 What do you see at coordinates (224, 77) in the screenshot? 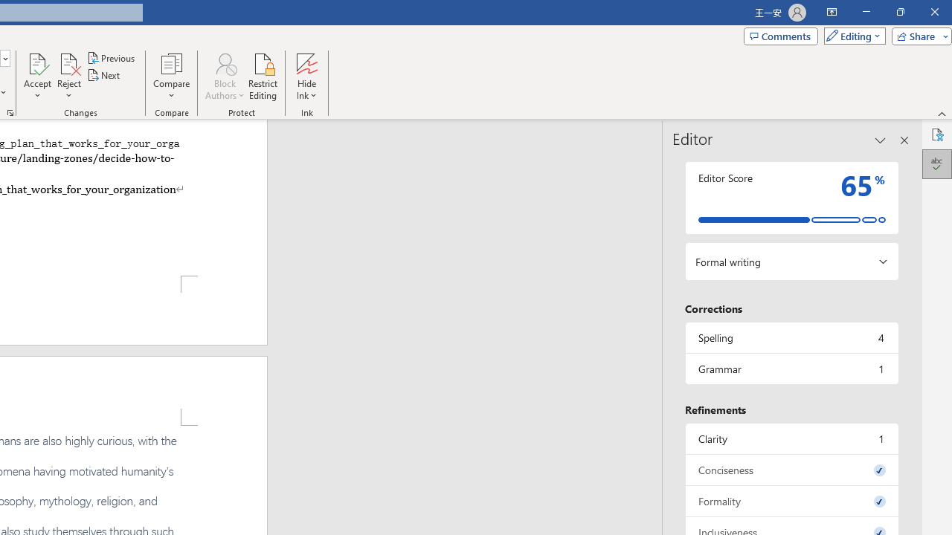
I see `'Block Authors'` at bounding box center [224, 77].